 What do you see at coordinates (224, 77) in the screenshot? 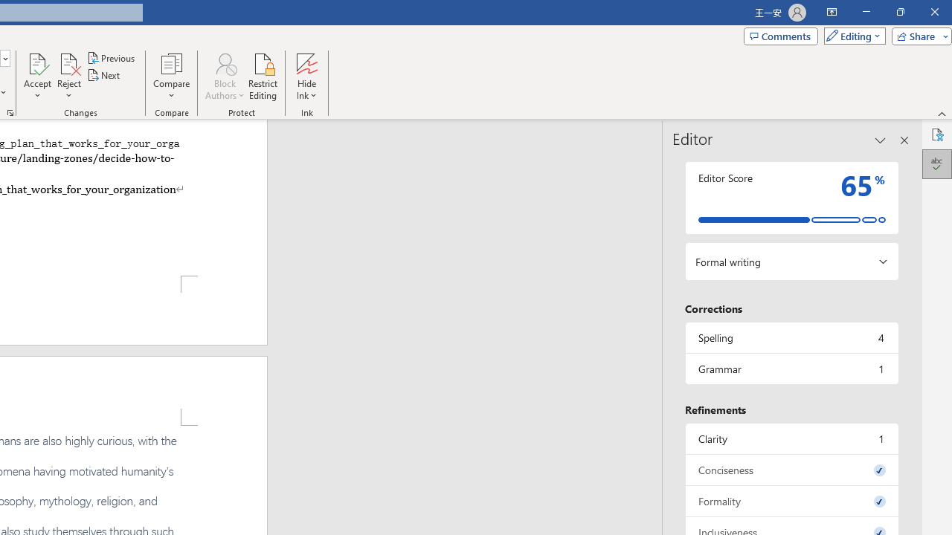
I see `'Block Authors'` at bounding box center [224, 77].